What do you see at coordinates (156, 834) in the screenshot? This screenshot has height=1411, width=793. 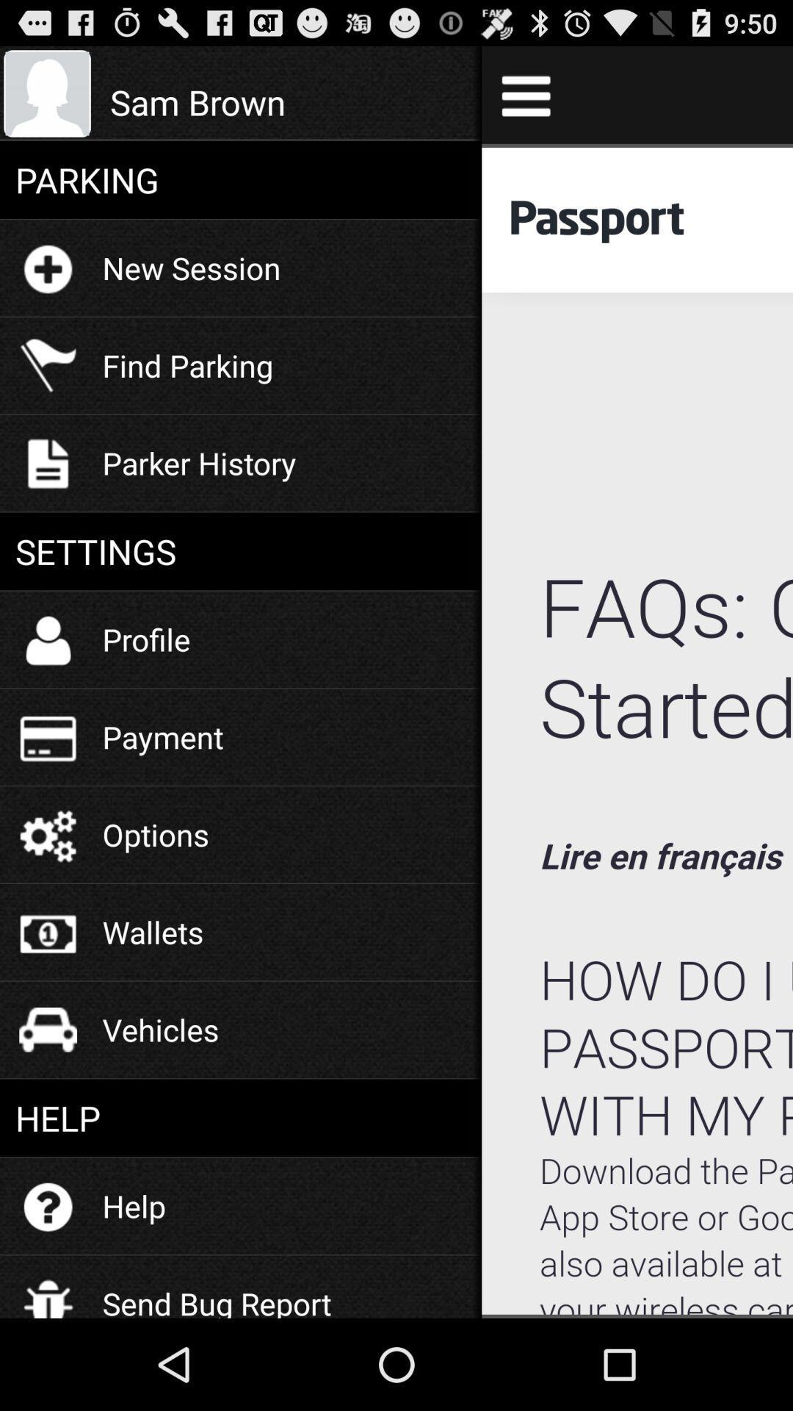 I see `the options` at bounding box center [156, 834].